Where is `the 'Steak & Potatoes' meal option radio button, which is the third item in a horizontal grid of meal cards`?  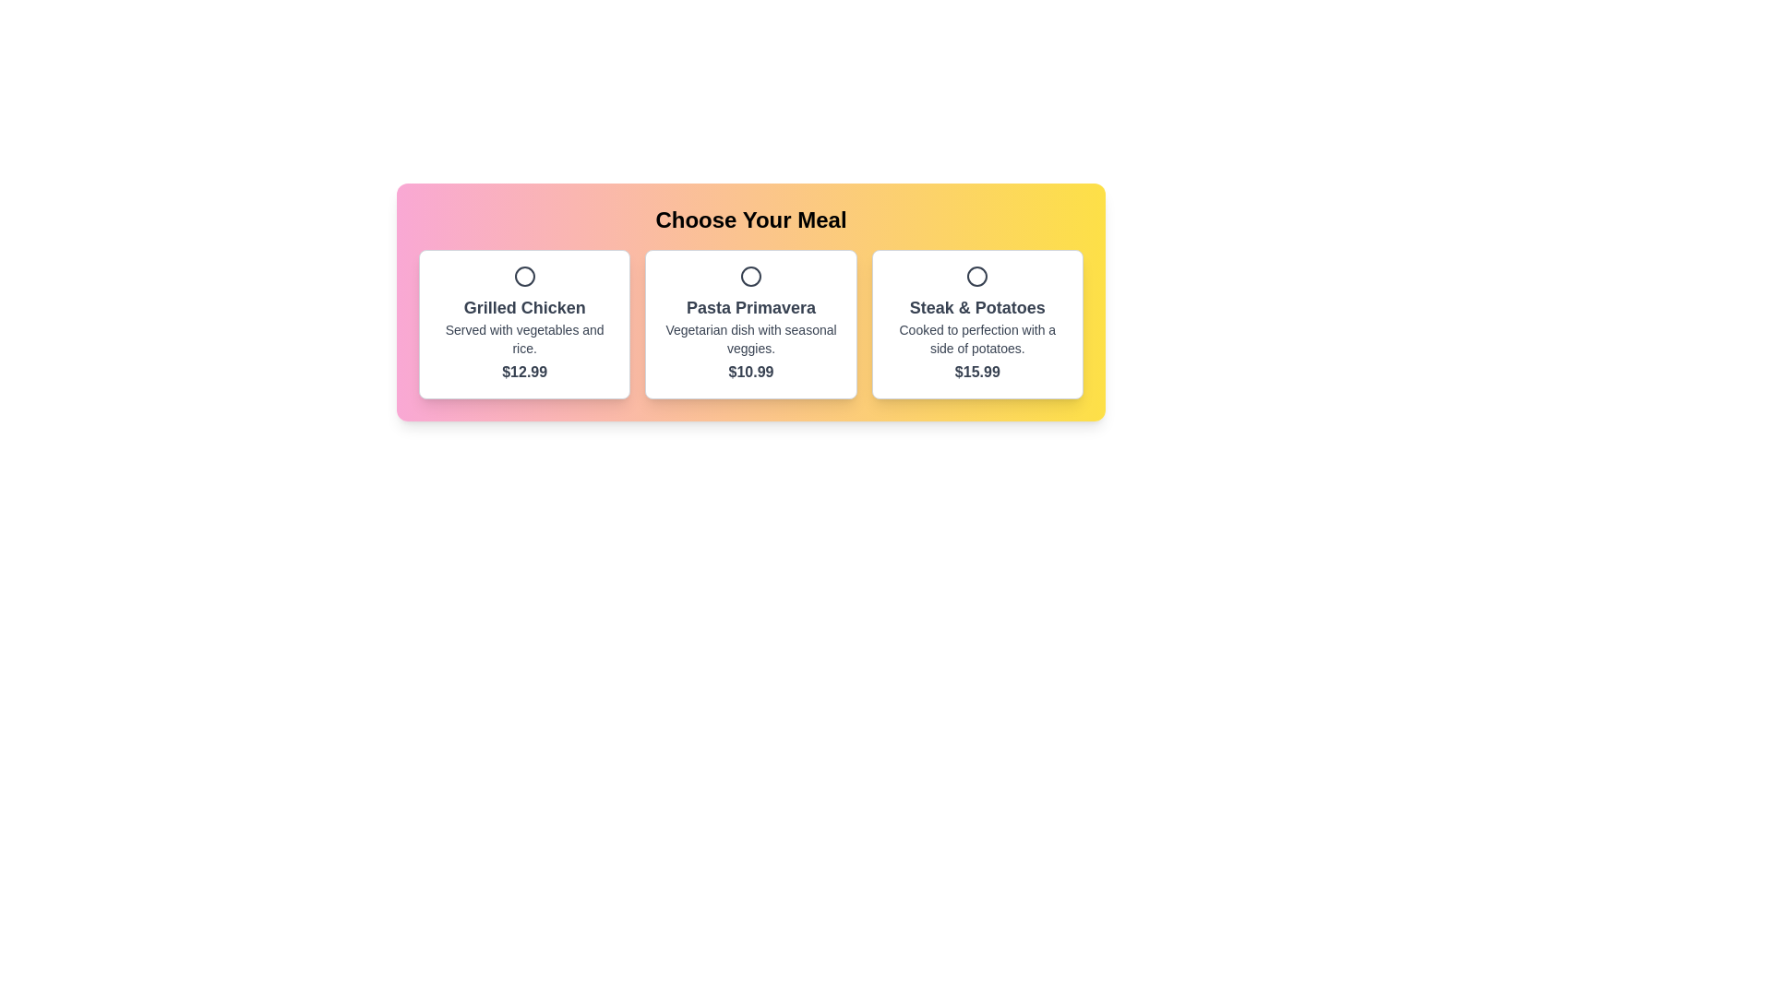 the 'Steak & Potatoes' meal option radio button, which is the third item in a horizontal grid of meal cards is located at coordinates (976, 323).